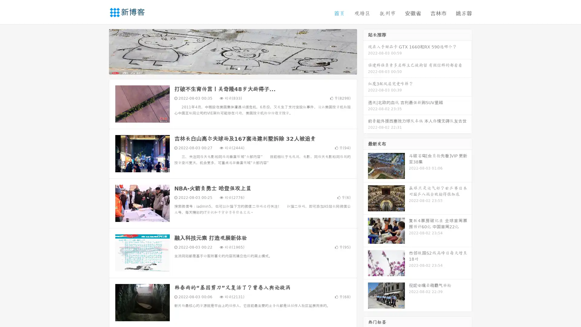  Describe the element at coordinates (226, 68) in the screenshot. I see `Go to slide 1` at that location.